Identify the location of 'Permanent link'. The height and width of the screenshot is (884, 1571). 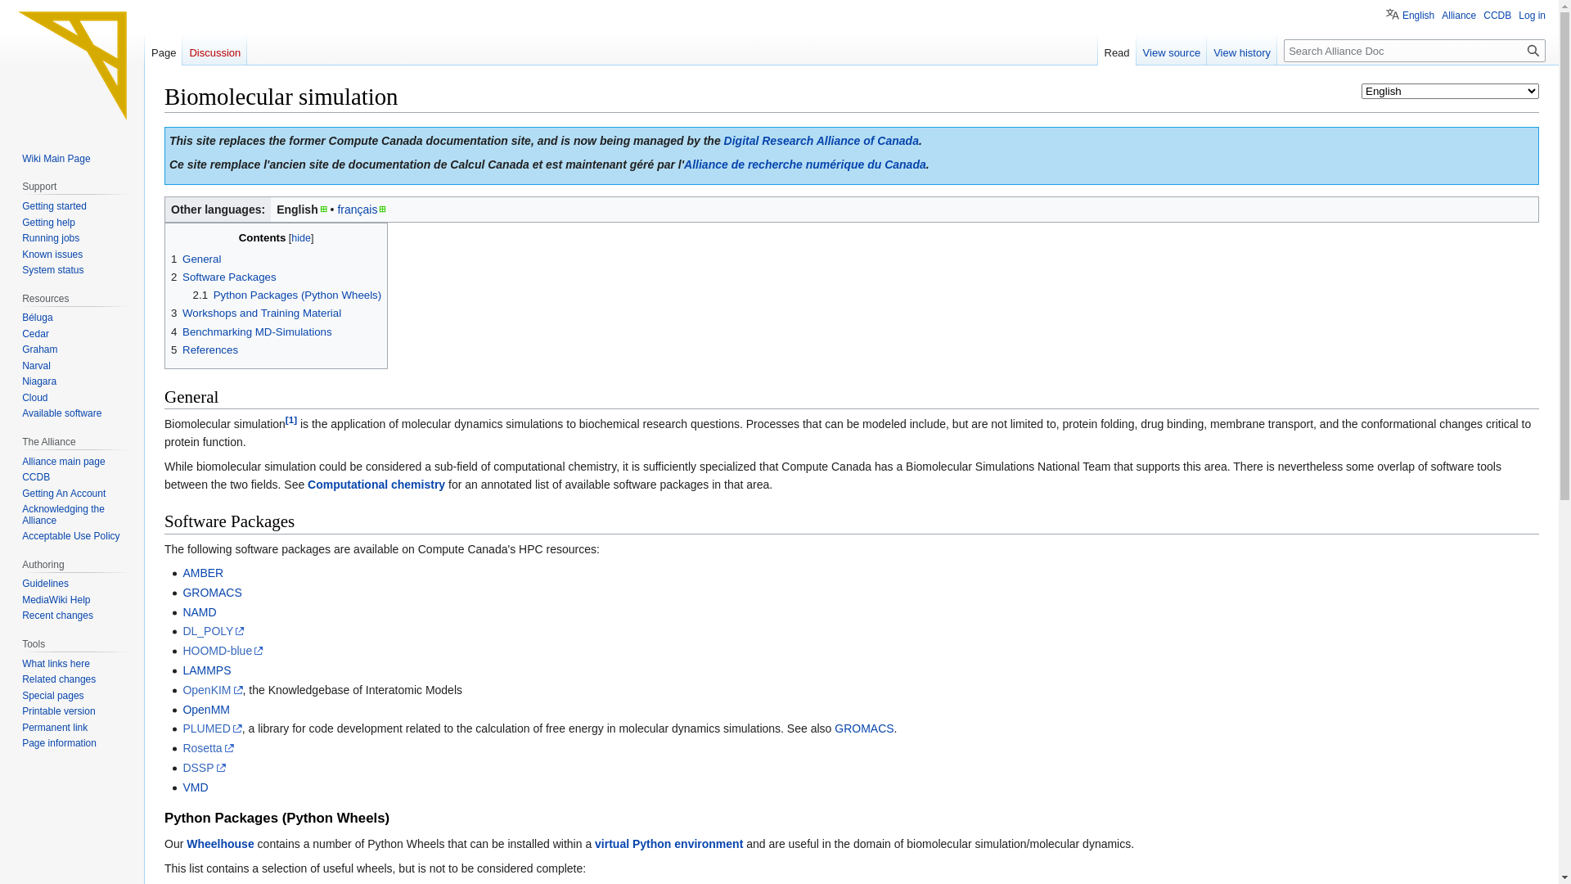
(55, 726).